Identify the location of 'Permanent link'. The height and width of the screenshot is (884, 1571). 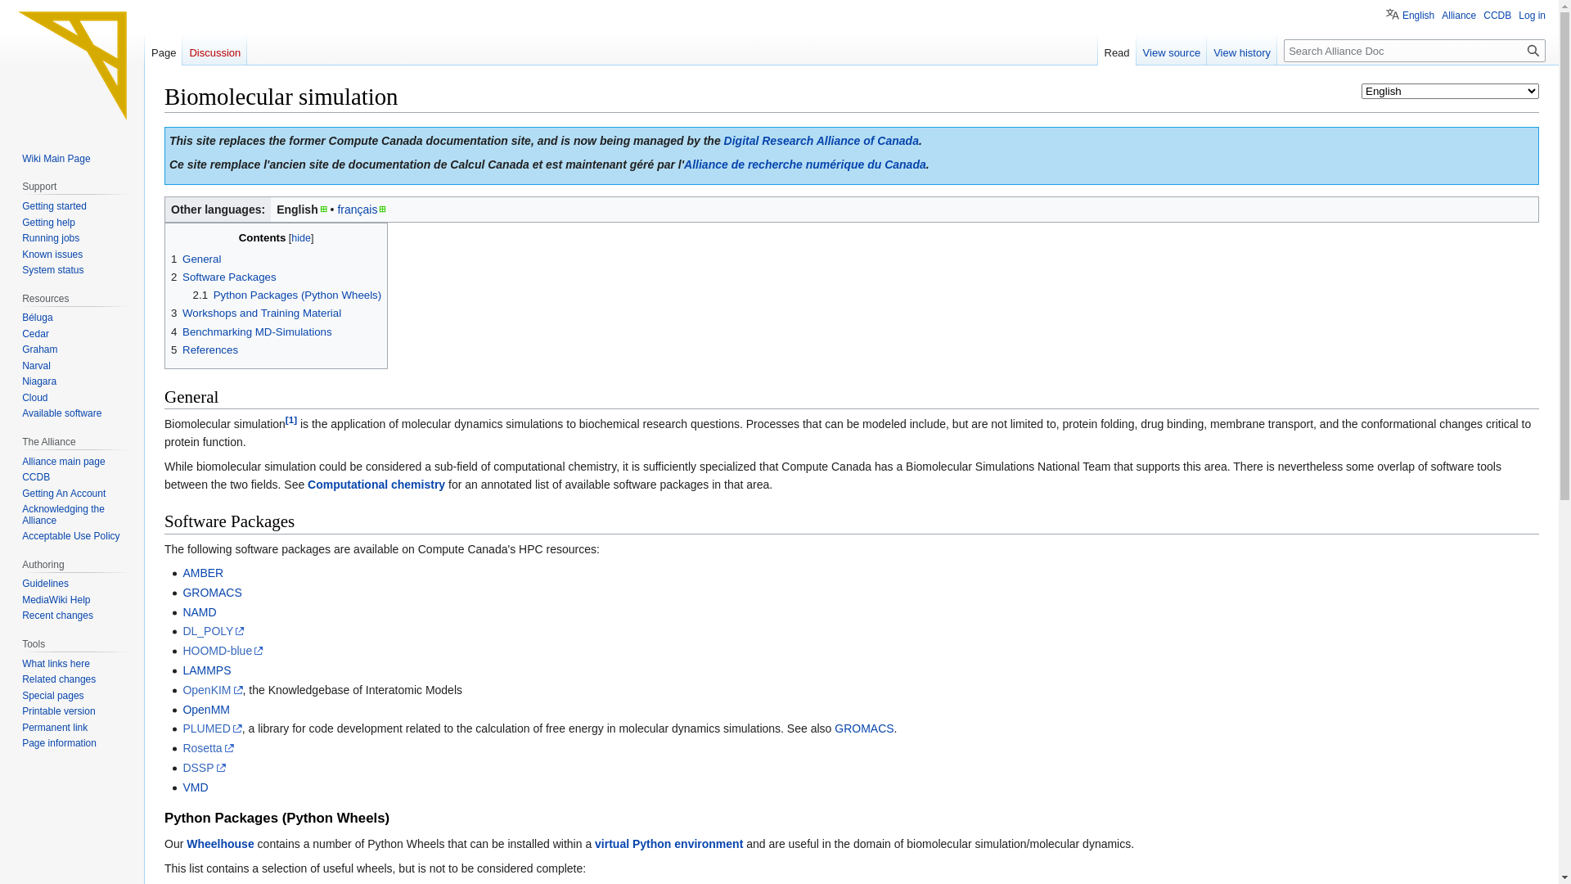
(55, 726).